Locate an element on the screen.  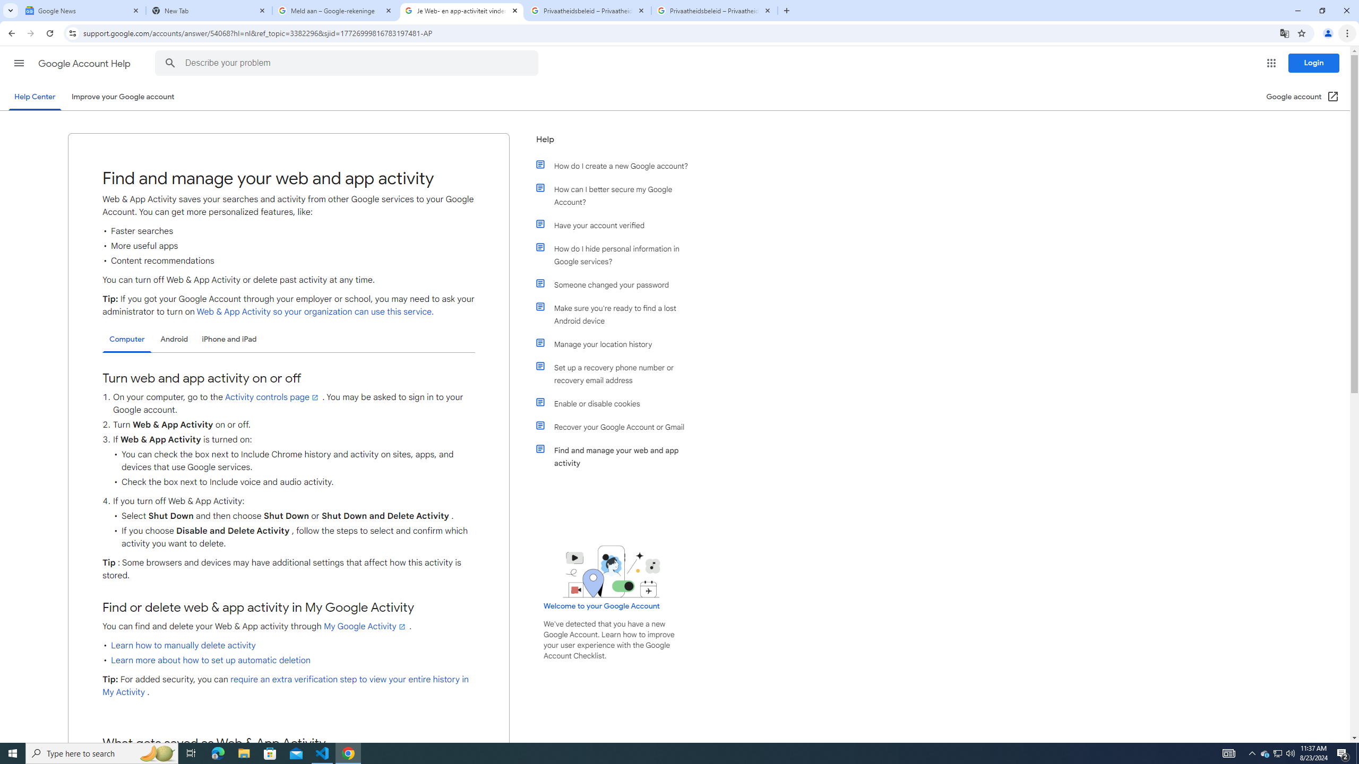
'iPhone and iPad' is located at coordinates (229, 339).